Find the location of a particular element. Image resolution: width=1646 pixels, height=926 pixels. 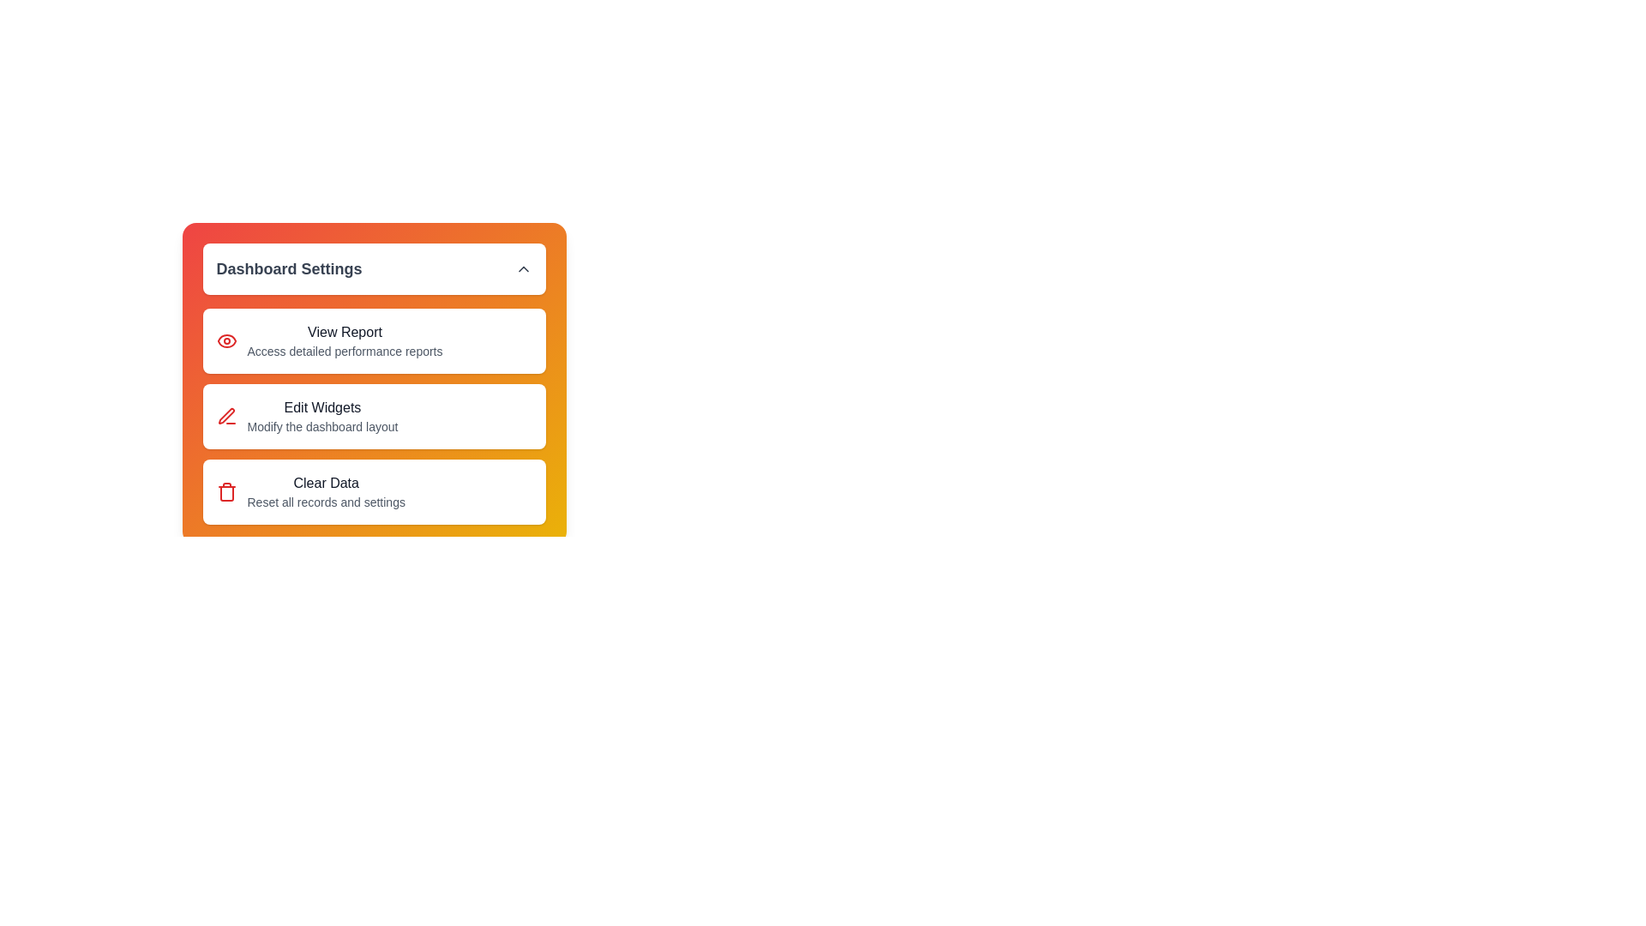

the icon associated with Clear Data is located at coordinates (225, 492).